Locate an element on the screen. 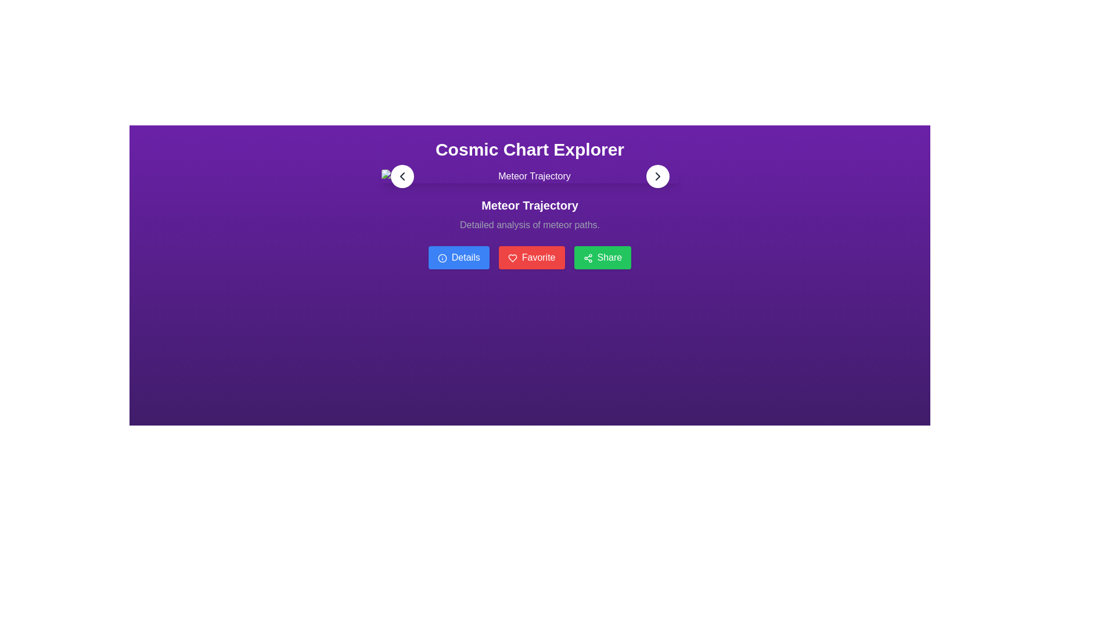  the small blue information icon with a white circular border and a white 'i' in the center, which is located to the left of the 'Details' button text is located at coordinates (441, 257).